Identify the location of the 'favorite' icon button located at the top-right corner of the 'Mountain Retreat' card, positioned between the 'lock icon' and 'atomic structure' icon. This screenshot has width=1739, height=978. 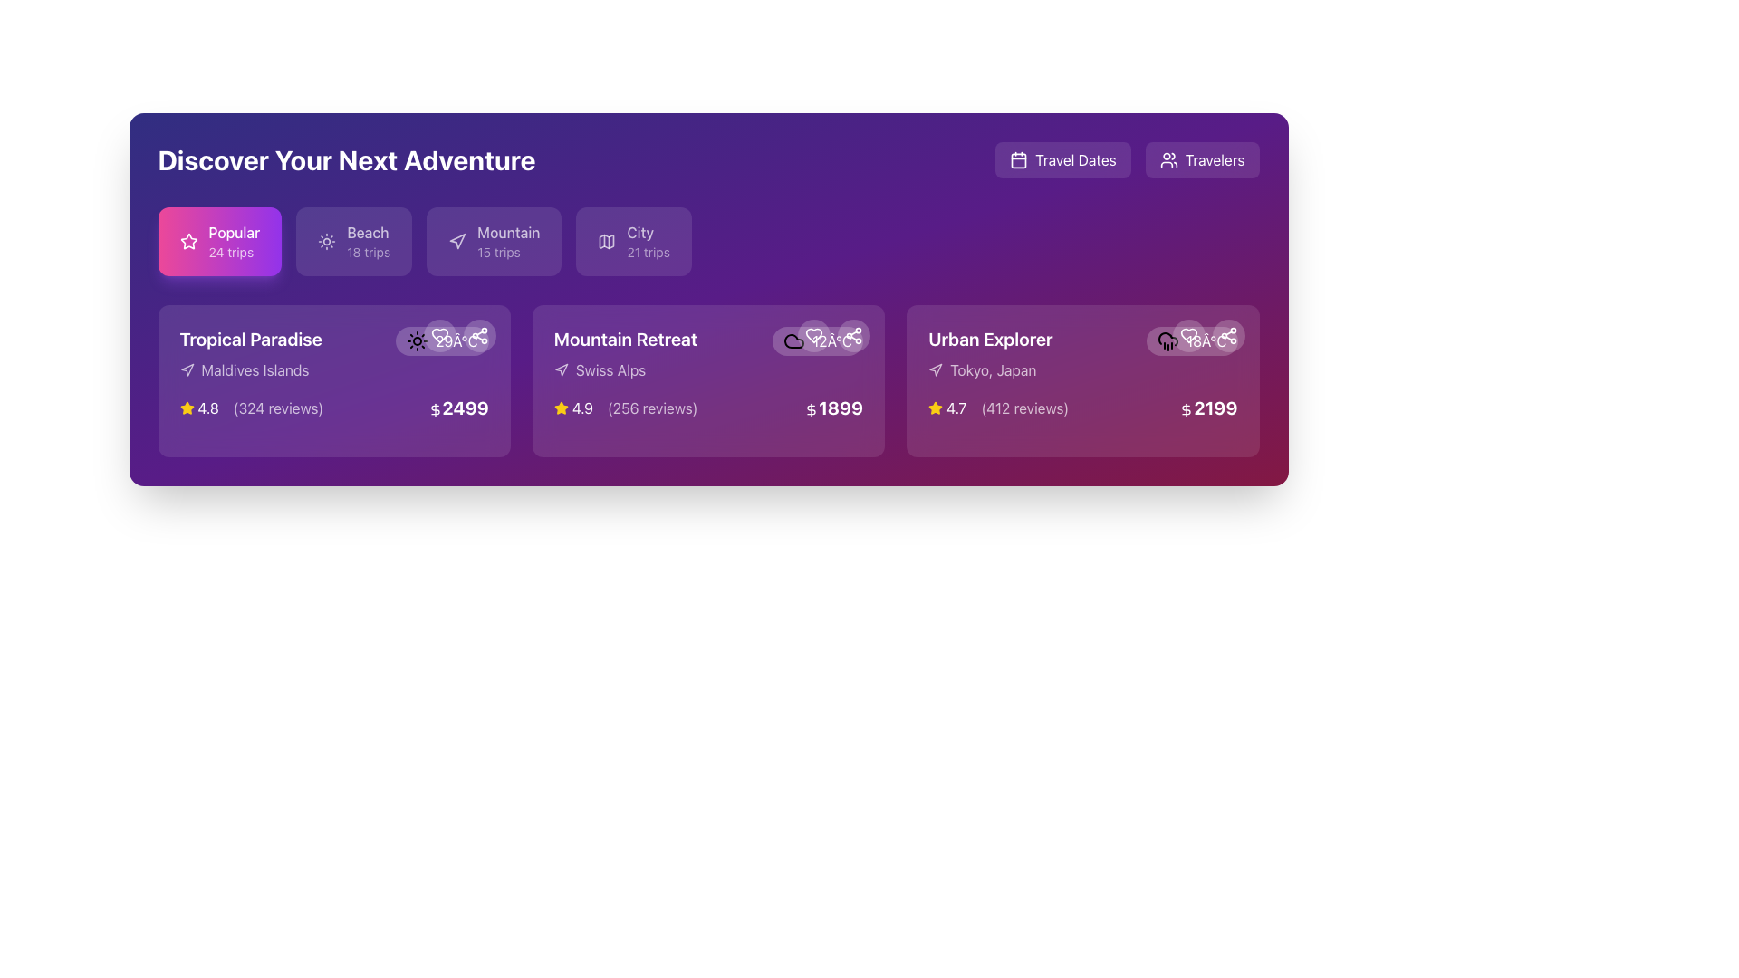
(813, 335).